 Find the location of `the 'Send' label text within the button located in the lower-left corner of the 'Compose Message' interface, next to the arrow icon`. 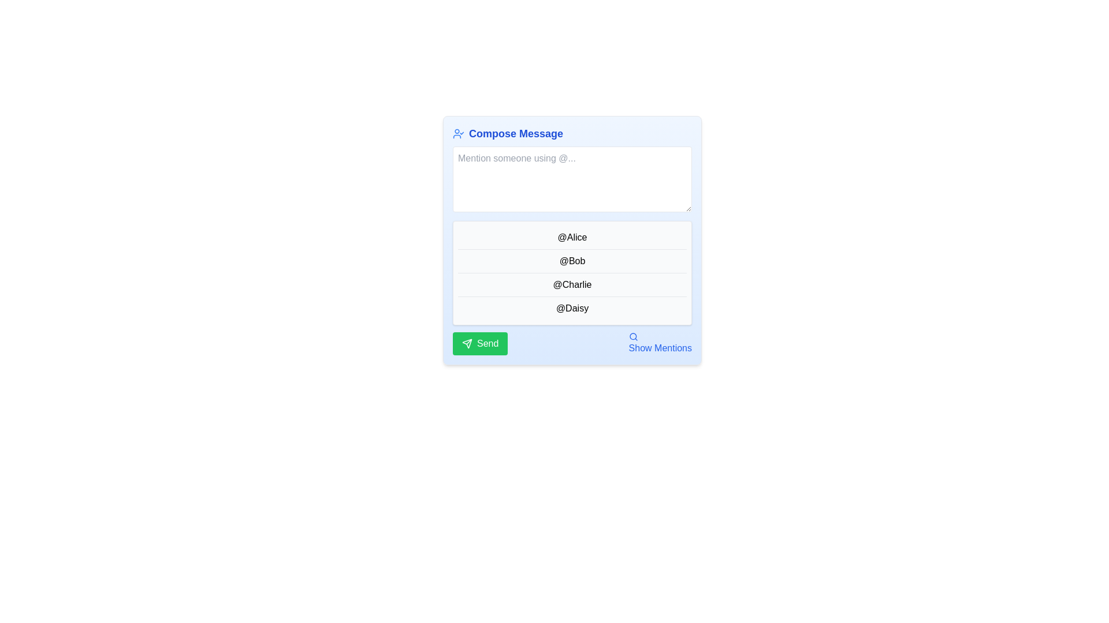

the 'Send' label text within the button located in the lower-left corner of the 'Compose Message' interface, next to the arrow icon is located at coordinates (487, 343).